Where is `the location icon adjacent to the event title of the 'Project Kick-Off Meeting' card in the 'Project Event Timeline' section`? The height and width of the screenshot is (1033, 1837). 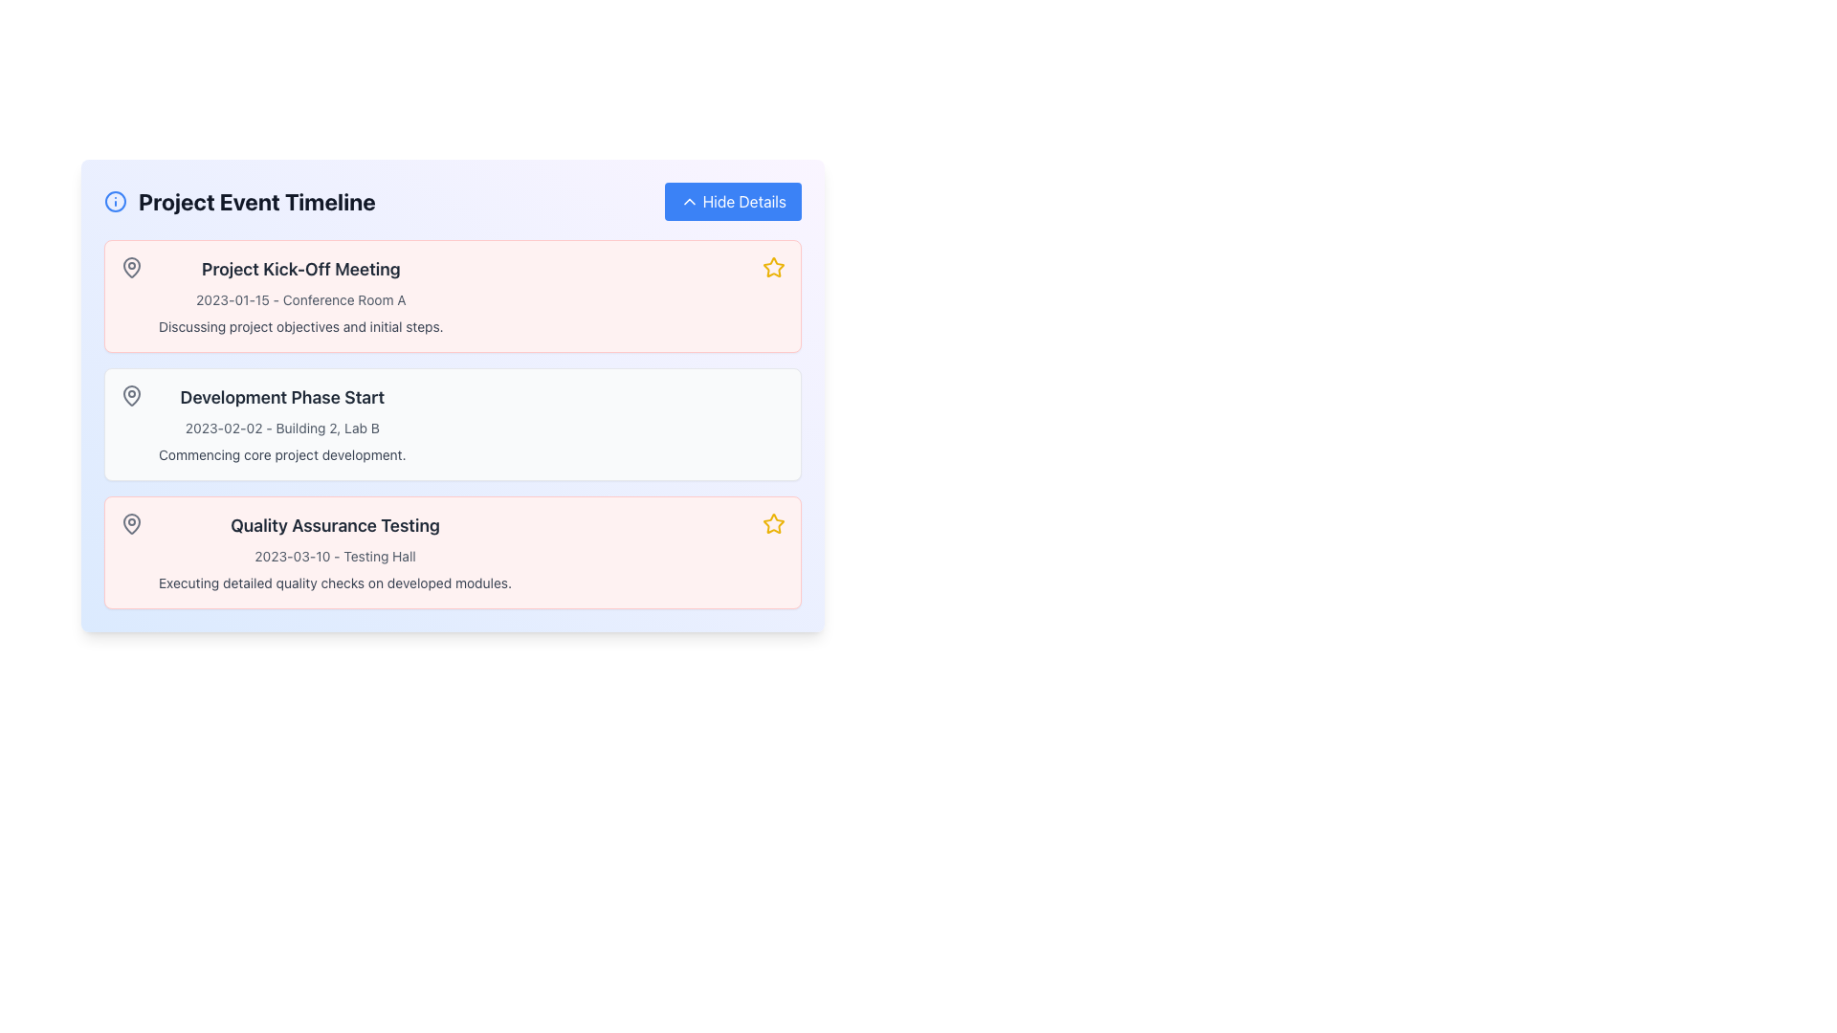
the location icon adjacent to the event title of the 'Project Kick-Off Meeting' card in the 'Project Event Timeline' section is located at coordinates (131, 268).